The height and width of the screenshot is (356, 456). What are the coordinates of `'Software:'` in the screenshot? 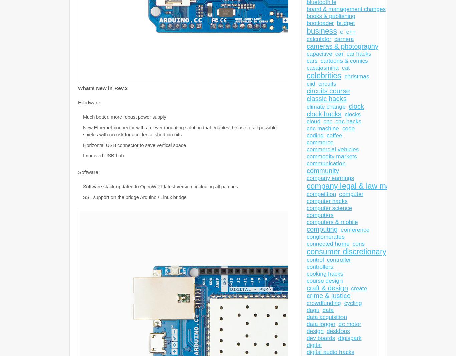 It's located at (89, 172).